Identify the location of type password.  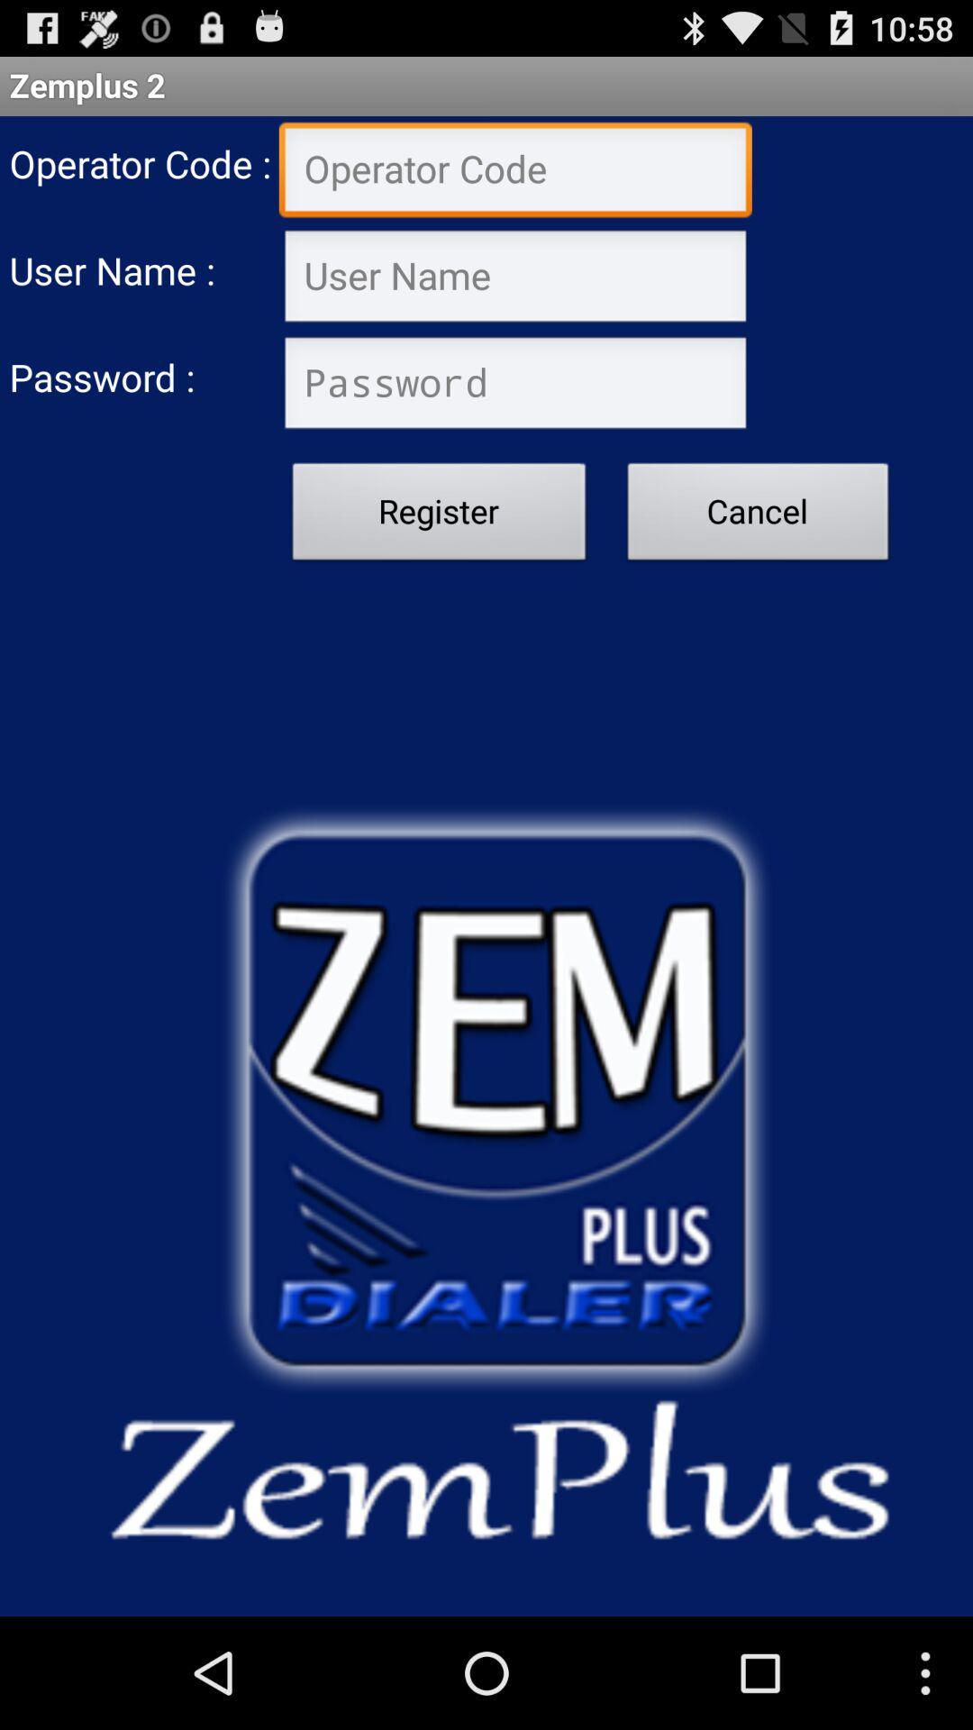
(515, 384).